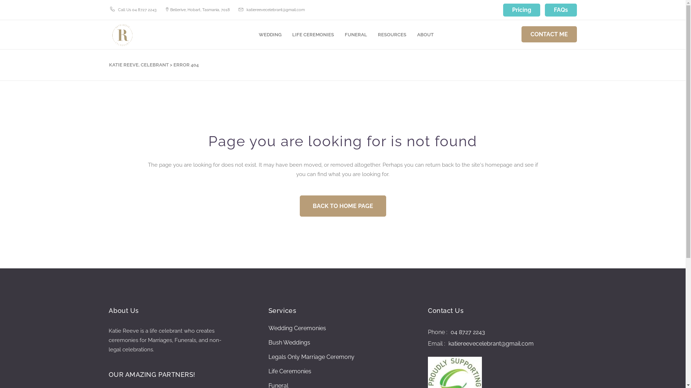 This screenshot has height=388, width=691. What do you see at coordinates (270, 34) in the screenshot?
I see `'WEDDING'` at bounding box center [270, 34].